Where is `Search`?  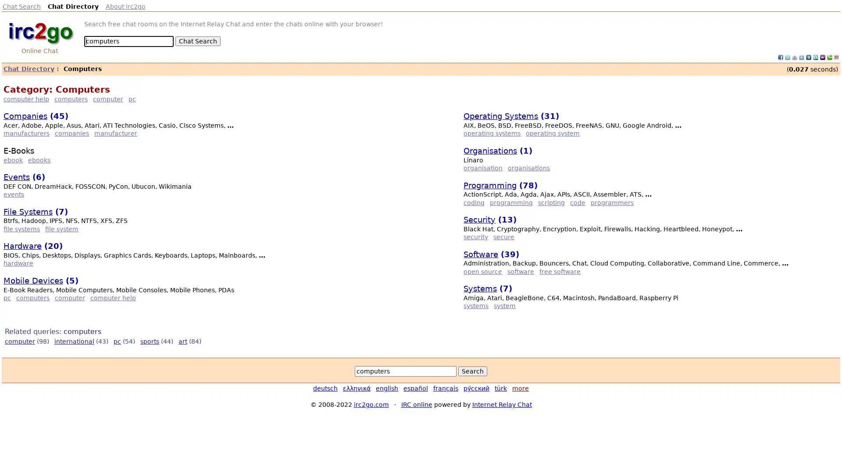 Search is located at coordinates (472, 371).